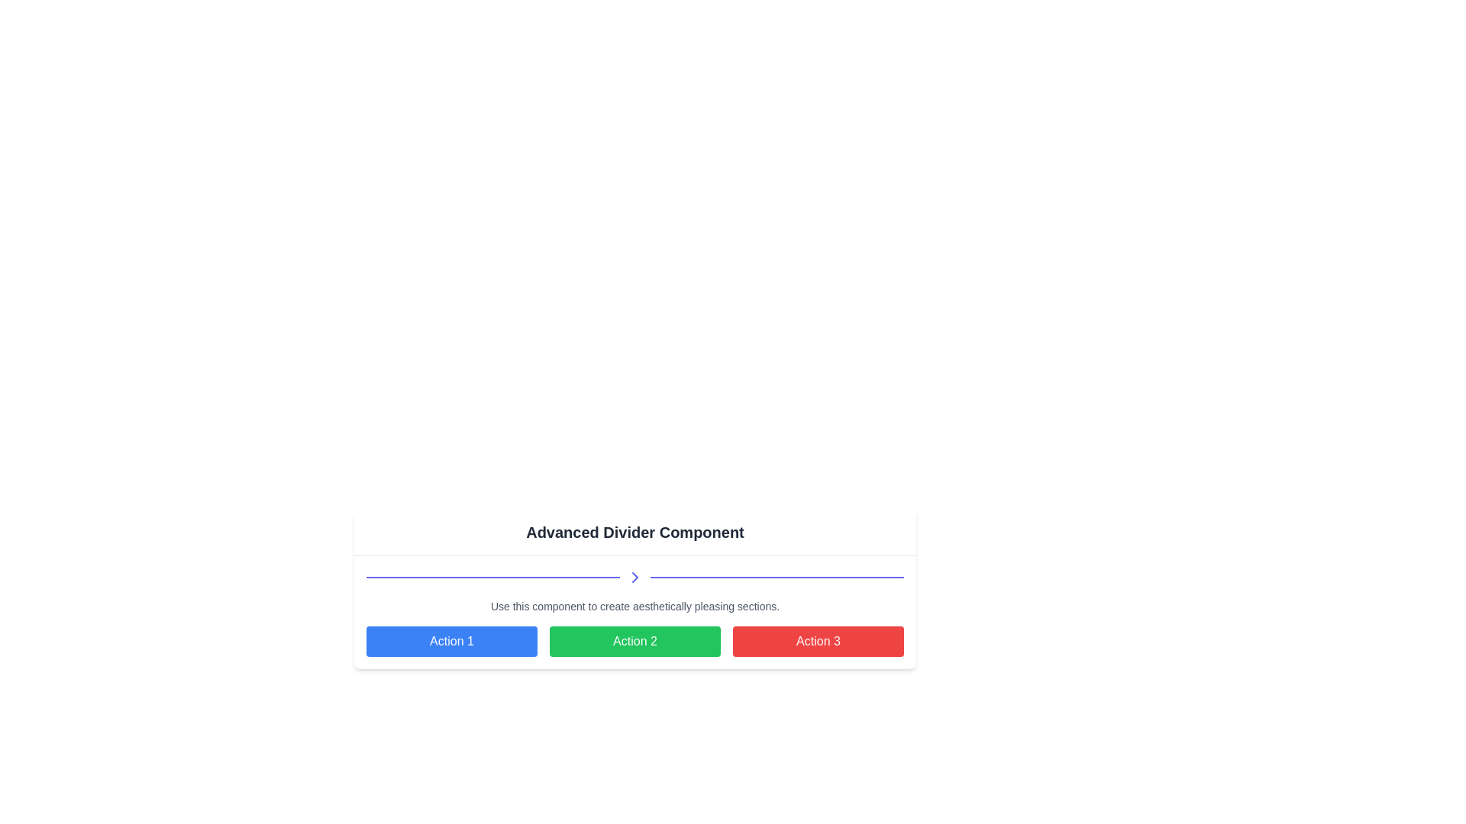 Image resolution: width=1466 pixels, height=824 pixels. I want to click on the blue button labeled 'Action 1', so click(450, 641).